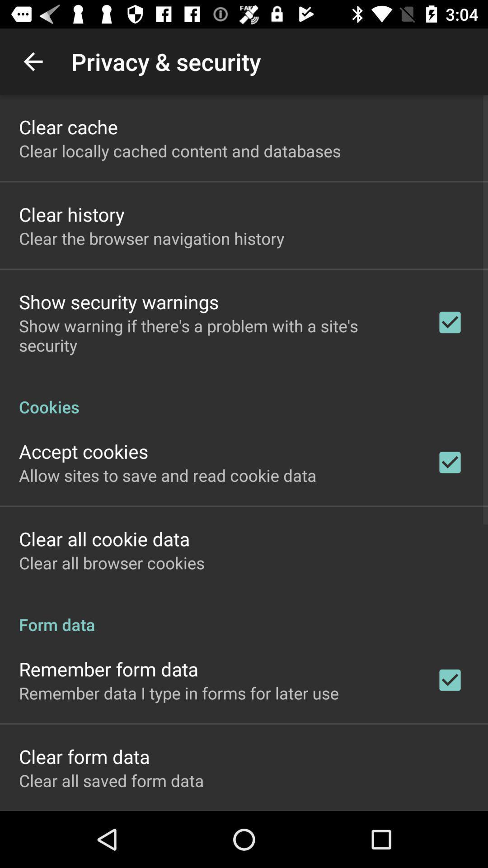 The image size is (488, 868). What do you see at coordinates (168, 475) in the screenshot?
I see `the icon below the accept cookies` at bounding box center [168, 475].